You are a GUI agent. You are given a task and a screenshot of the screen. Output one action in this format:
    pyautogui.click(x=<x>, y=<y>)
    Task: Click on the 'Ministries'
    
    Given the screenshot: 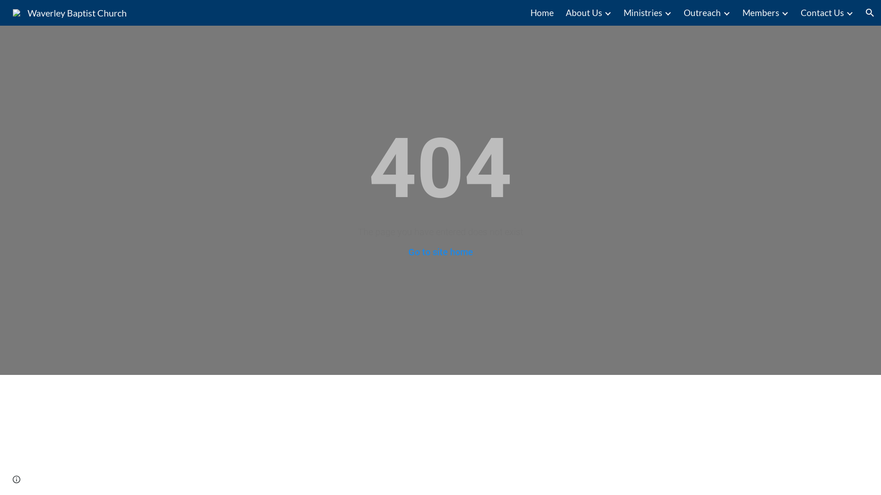 What is the action you would take?
    pyautogui.click(x=623, y=12)
    